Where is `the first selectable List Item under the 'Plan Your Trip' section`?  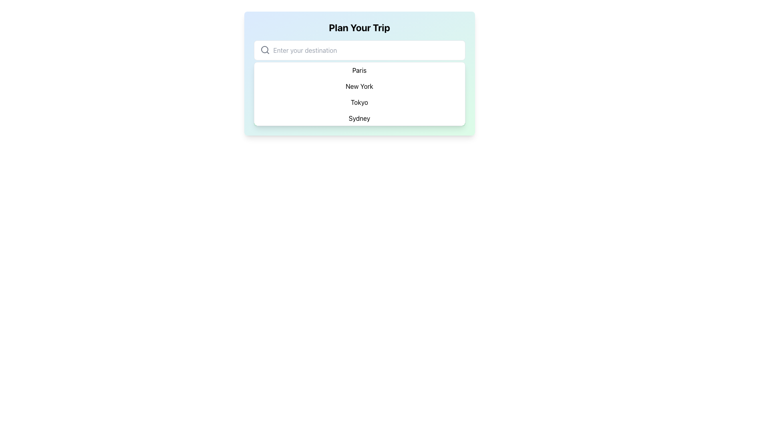 the first selectable List Item under the 'Plan Your Trip' section is located at coordinates (359, 74).